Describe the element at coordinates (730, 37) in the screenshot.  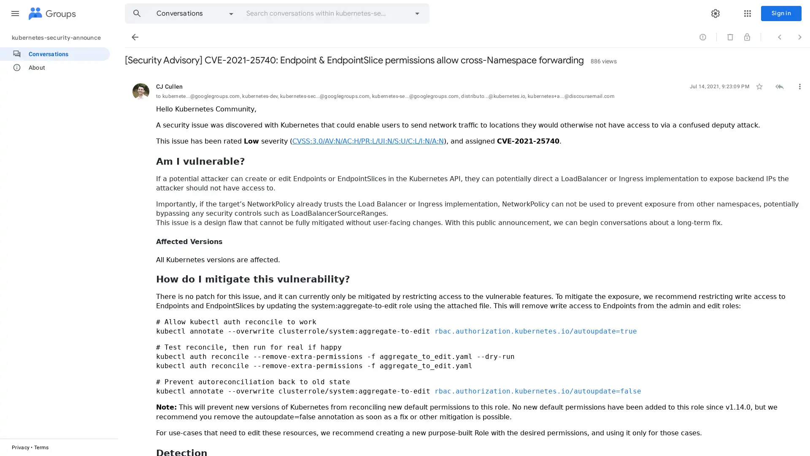
I see `You need the content moderator permission to delete conversations` at that location.